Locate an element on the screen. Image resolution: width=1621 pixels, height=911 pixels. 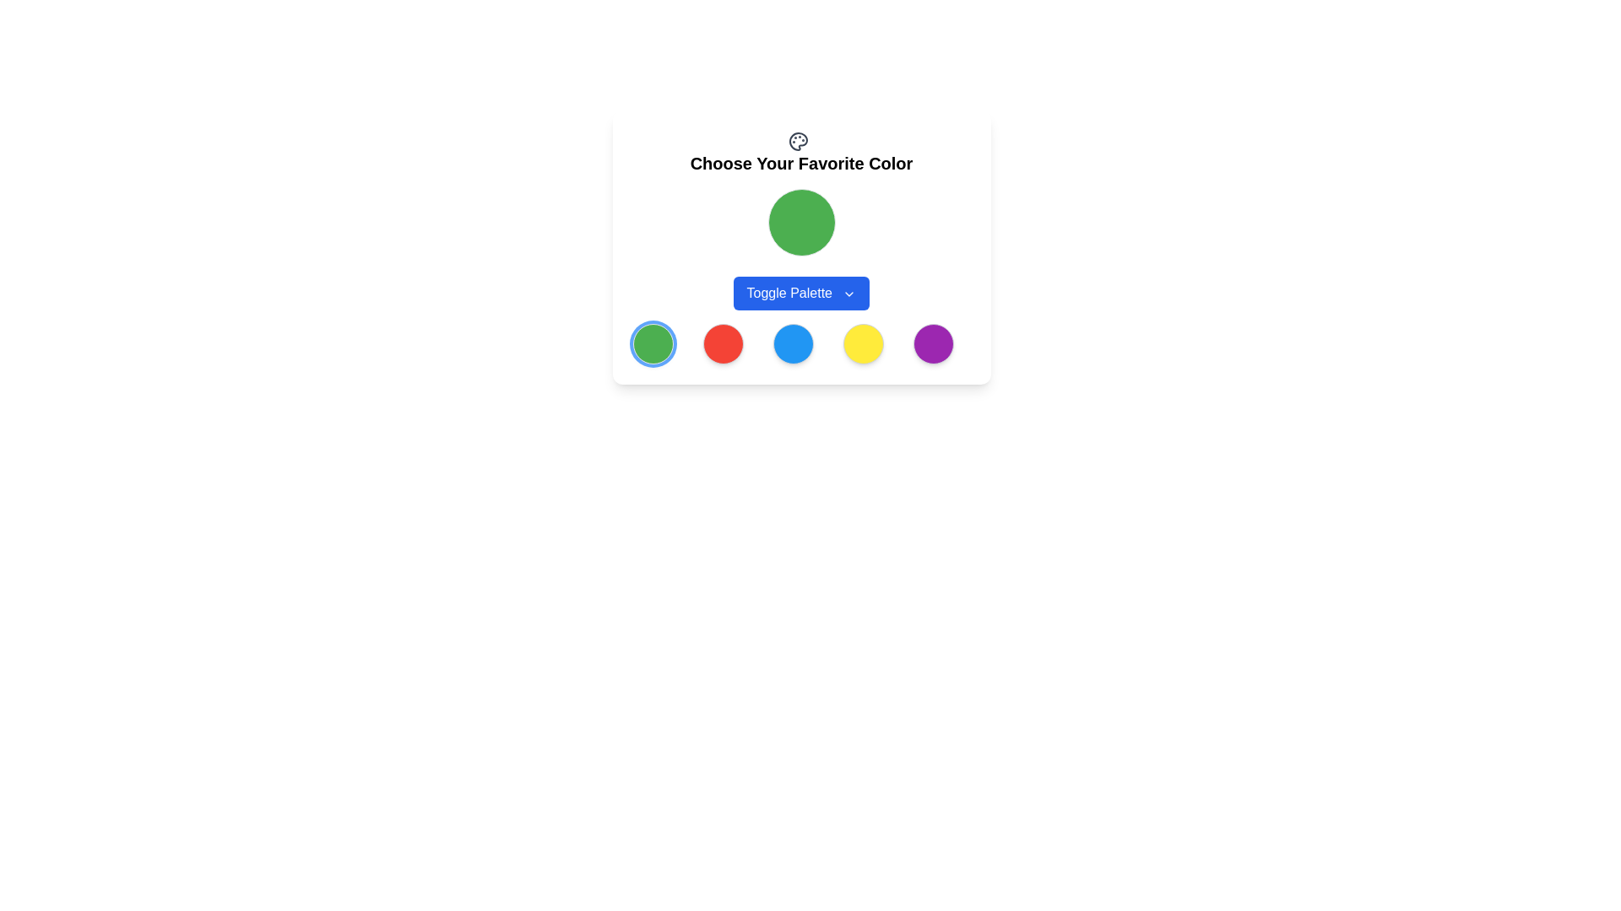
the header text indicating the user's task of choosing a favorite color, positioned at the top-center of the interactive card interface is located at coordinates (800, 163).